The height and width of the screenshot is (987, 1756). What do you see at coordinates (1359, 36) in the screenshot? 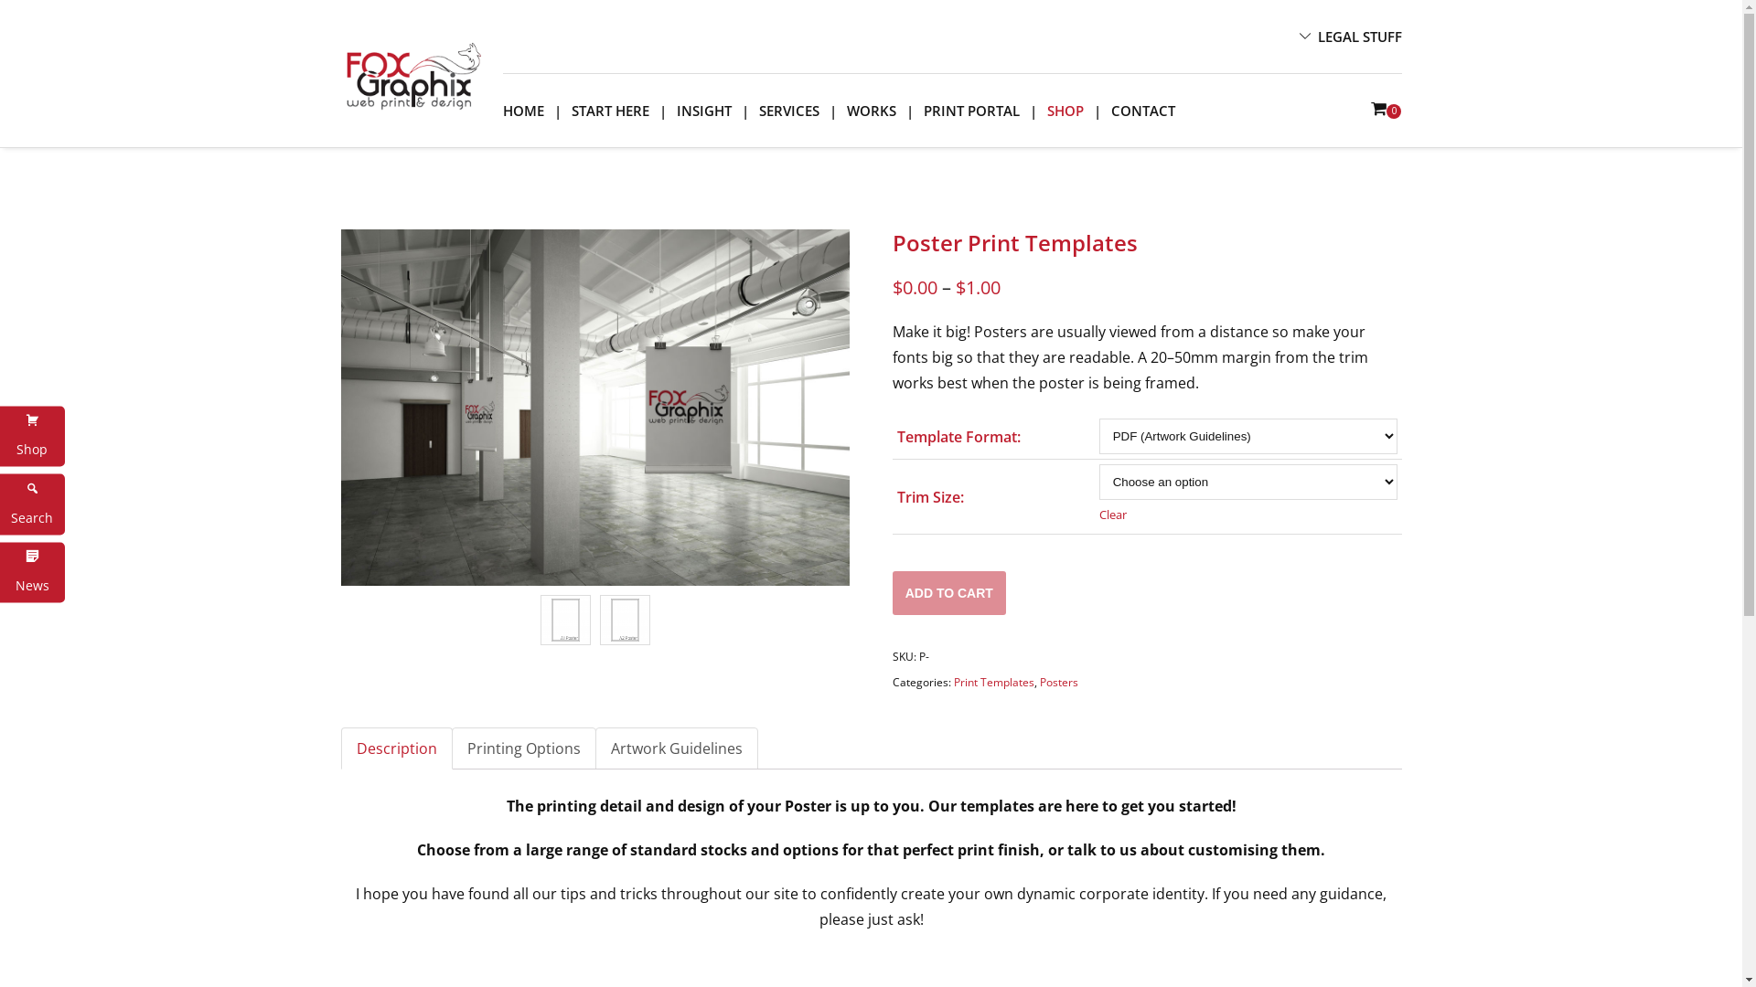
I see `'LEGAL STUFF'` at bounding box center [1359, 36].